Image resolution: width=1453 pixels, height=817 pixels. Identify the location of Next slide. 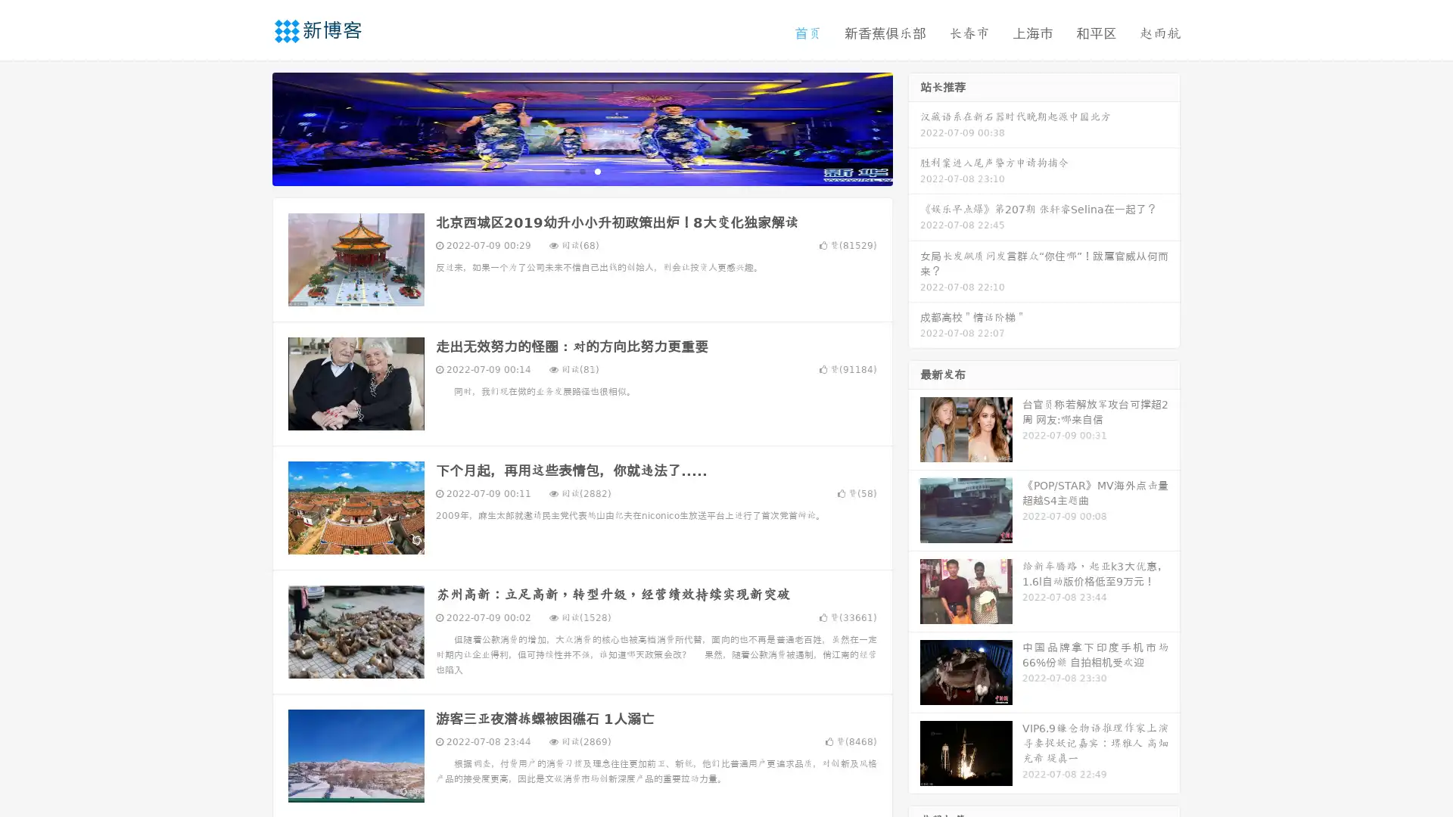
(914, 127).